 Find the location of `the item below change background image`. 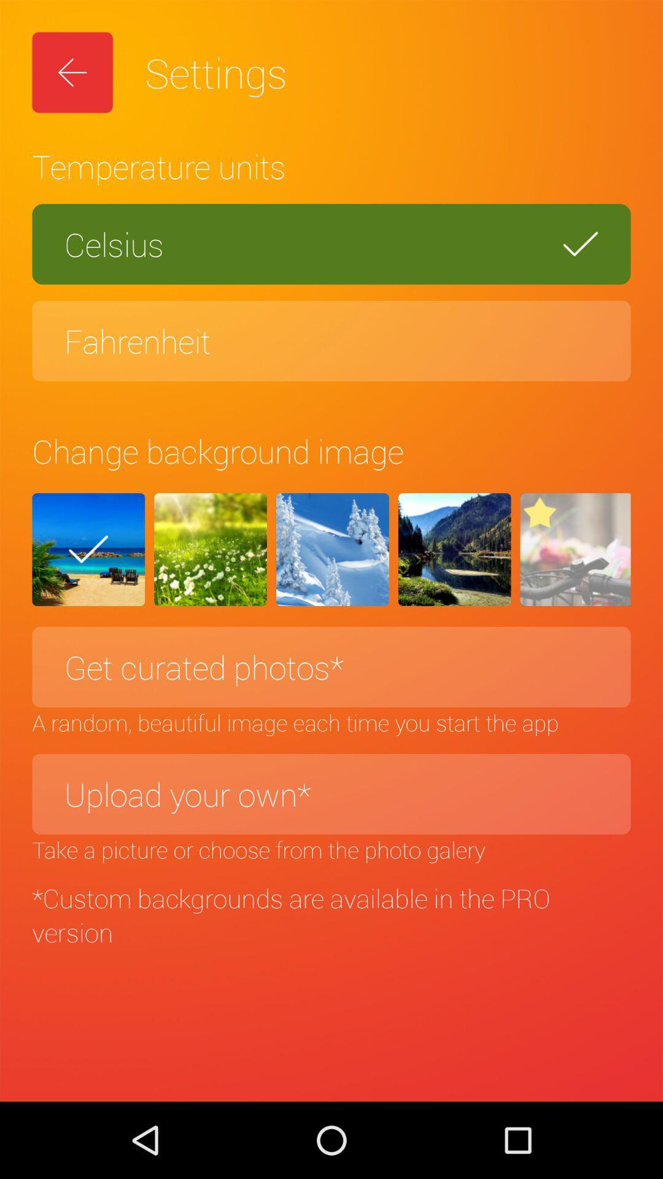

the item below change background image is located at coordinates (454, 549).